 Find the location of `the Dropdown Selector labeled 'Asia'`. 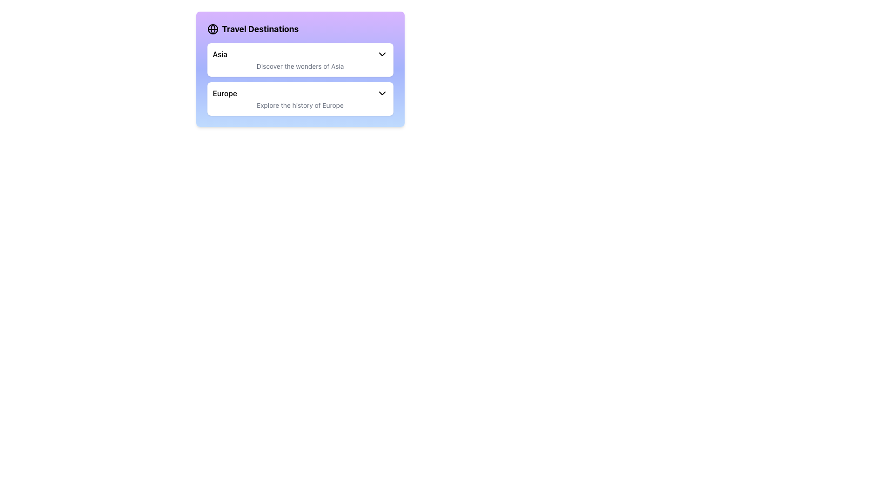

the Dropdown Selector labeled 'Asia' is located at coordinates (300, 54).